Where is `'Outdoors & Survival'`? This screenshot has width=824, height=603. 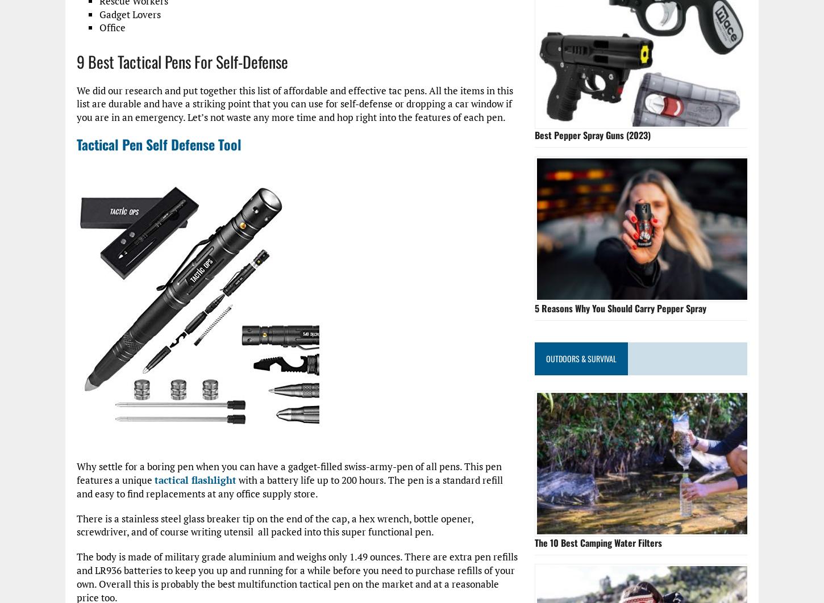 'Outdoors & Survival' is located at coordinates (581, 358).